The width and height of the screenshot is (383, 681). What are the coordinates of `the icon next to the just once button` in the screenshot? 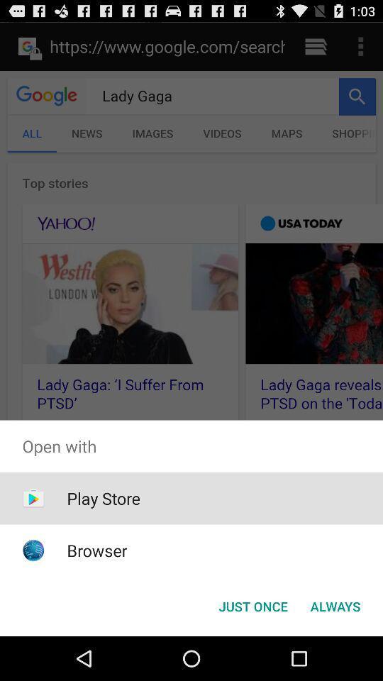 It's located at (335, 605).